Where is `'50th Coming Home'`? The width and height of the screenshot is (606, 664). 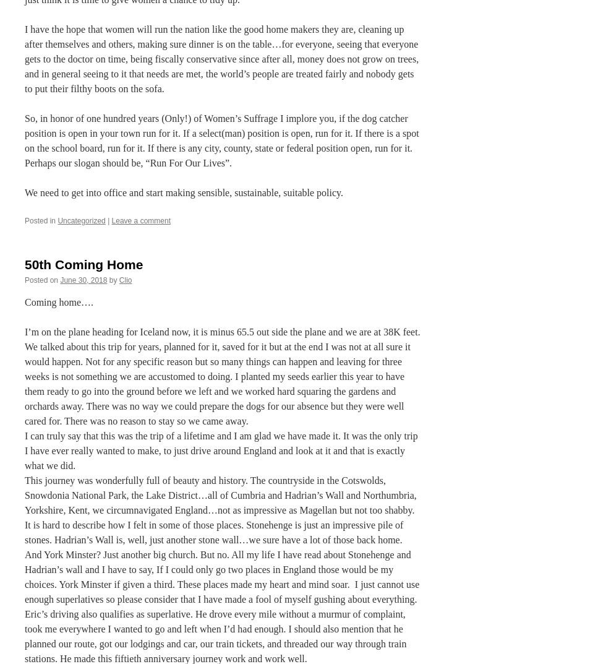
'50th Coming Home' is located at coordinates (83, 264).